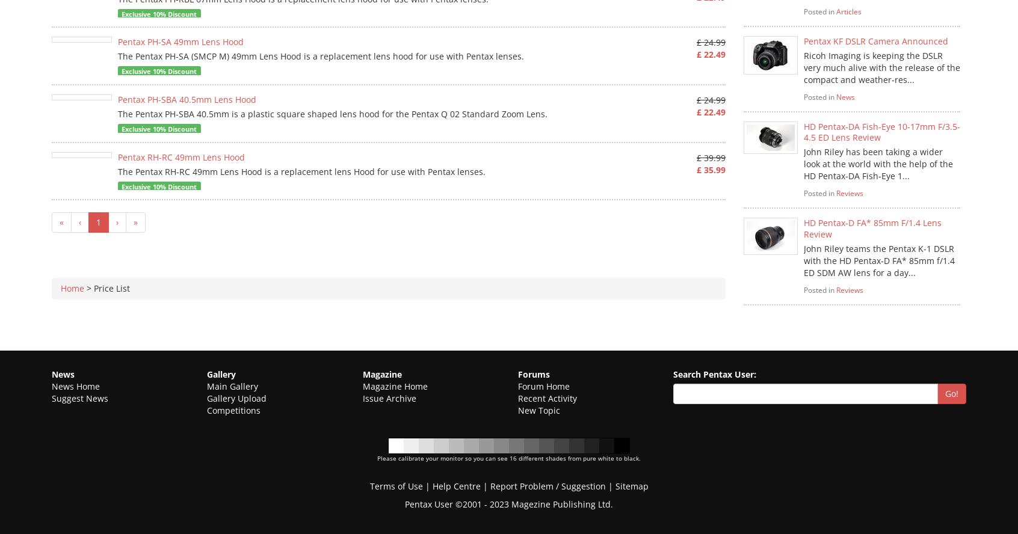 The image size is (1018, 534). What do you see at coordinates (236, 397) in the screenshot?
I see `'Gallery Upload'` at bounding box center [236, 397].